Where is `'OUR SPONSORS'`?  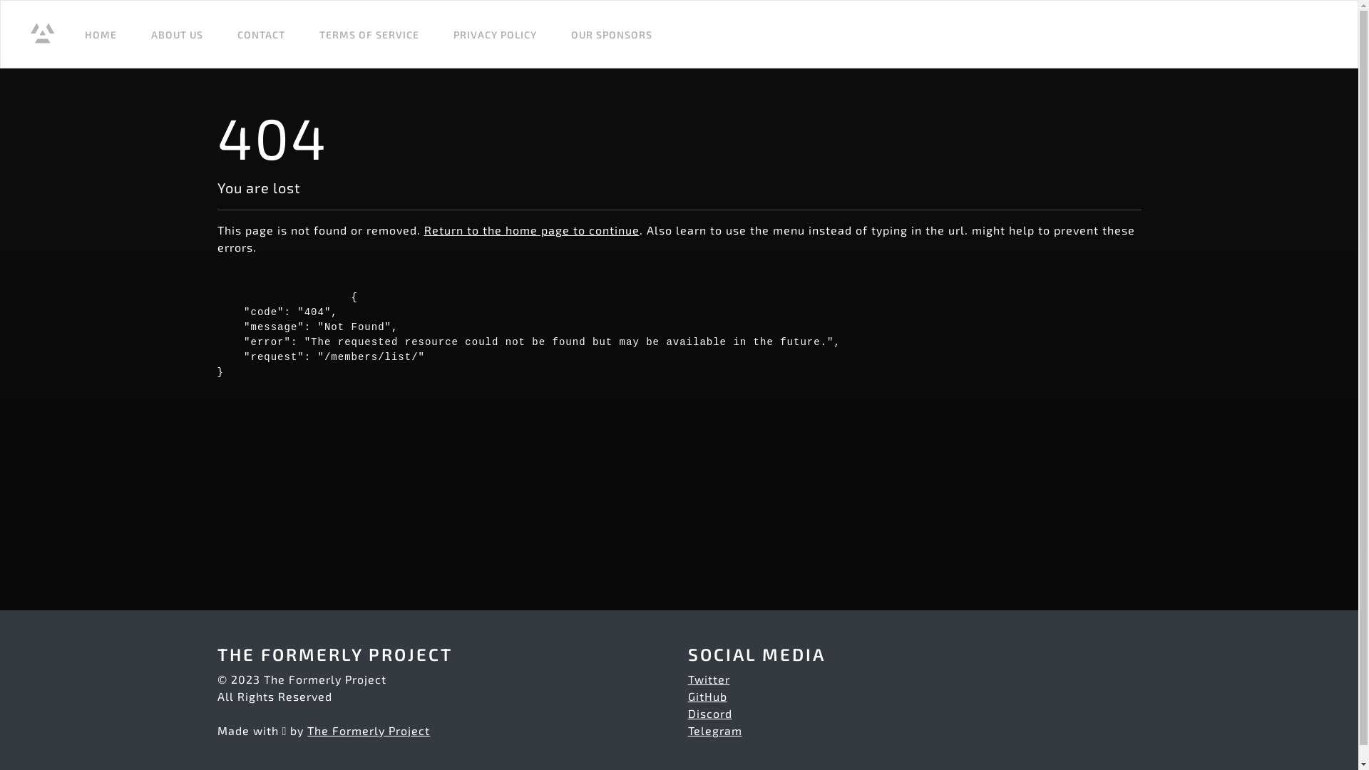 'OUR SPONSORS' is located at coordinates (612, 33).